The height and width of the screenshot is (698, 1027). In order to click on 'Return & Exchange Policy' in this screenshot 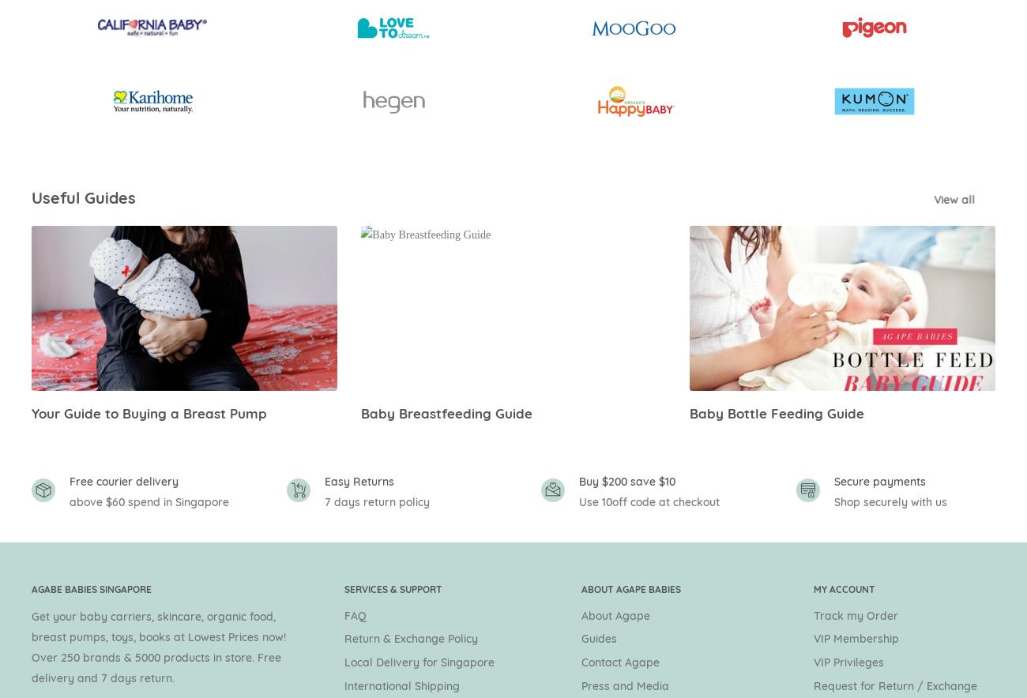, I will do `click(411, 638)`.